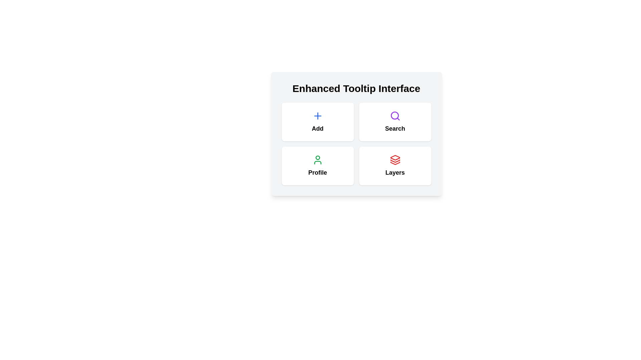 The height and width of the screenshot is (360, 641). Describe the element at coordinates (317, 122) in the screenshot. I see `the 'Add' button, which is styled as a card with a blue plus sign icon and bold text, located at the top-left position of the grid layout` at that location.